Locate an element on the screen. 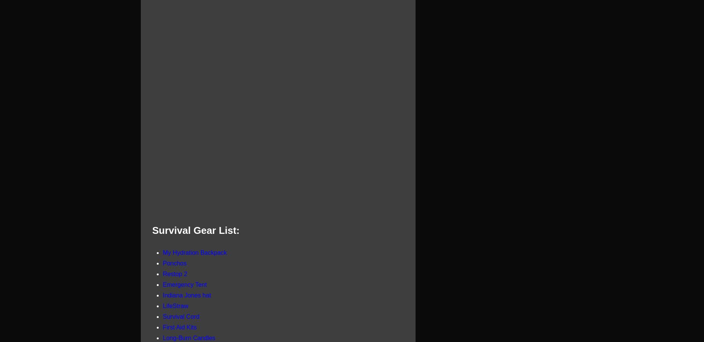  'Long-Burn Candles' is located at coordinates (189, 337).